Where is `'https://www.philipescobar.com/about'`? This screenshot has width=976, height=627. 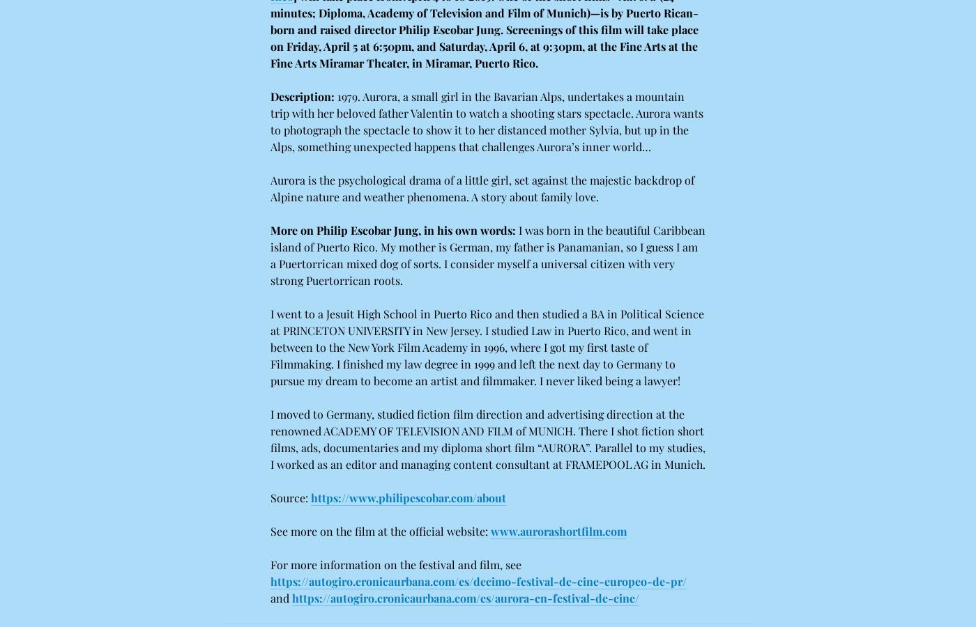 'https://www.philipescobar.com/about' is located at coordinates (409, 497).